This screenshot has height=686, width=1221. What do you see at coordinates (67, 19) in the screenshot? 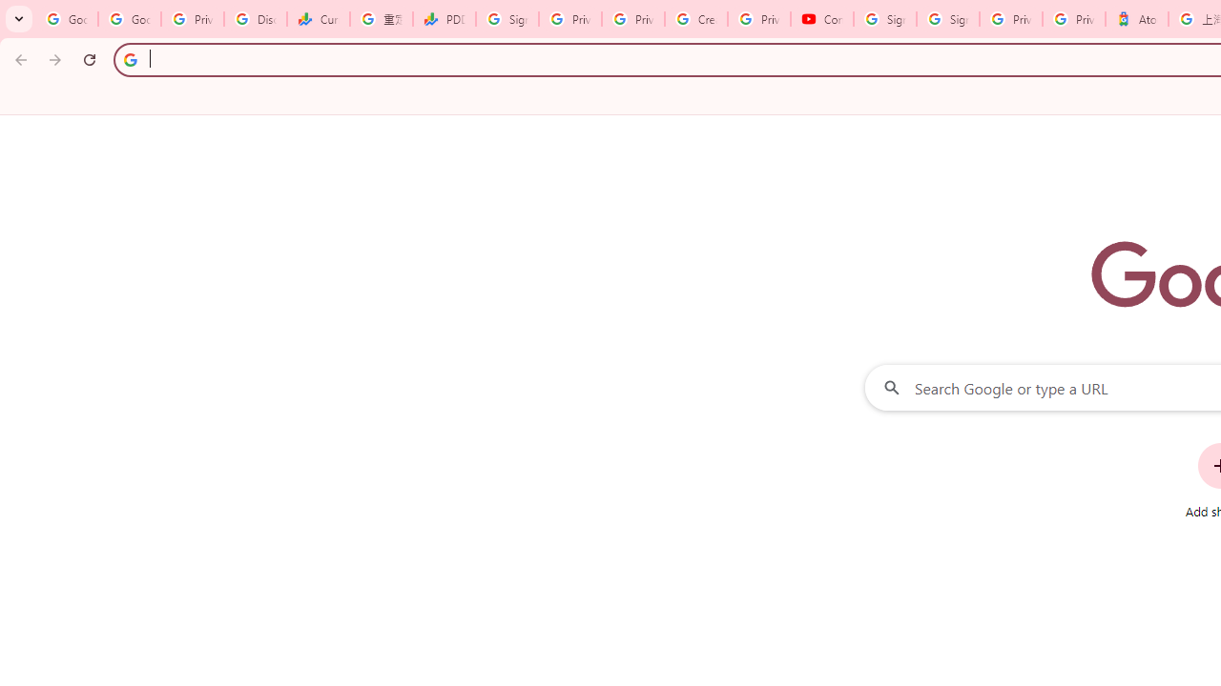
I see `'Google Workspace Admin Community'` at bounding box center [67, 19].